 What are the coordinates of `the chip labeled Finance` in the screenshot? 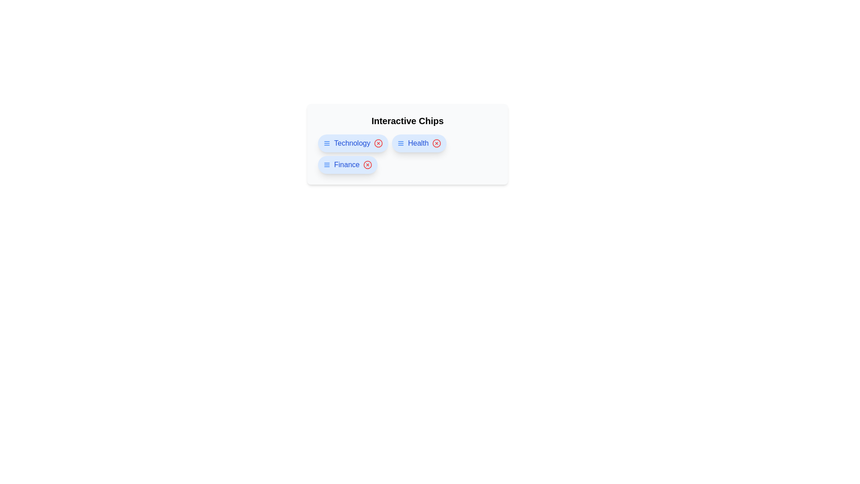 It's located at (347, 164).